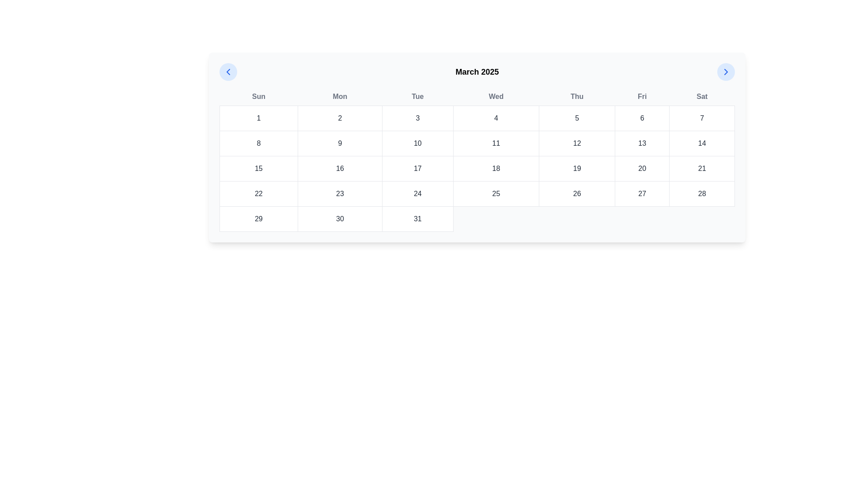  I want to click on the button-like selectable calendar date displaying the number '26', so click(577, 193).